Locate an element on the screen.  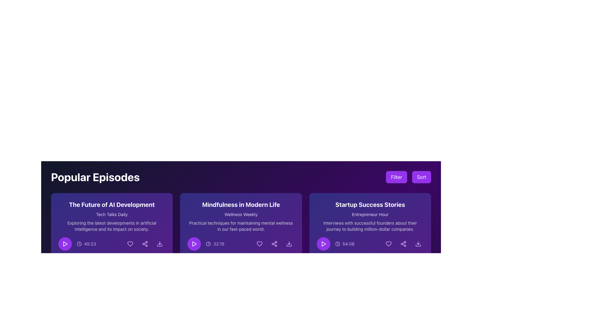
the play button icon, which is a triangular shape pointing to the right, located within a circular purple background in the bottom-left corner of the 'Startup Success Stories' card is located at coordinates (323, 243).